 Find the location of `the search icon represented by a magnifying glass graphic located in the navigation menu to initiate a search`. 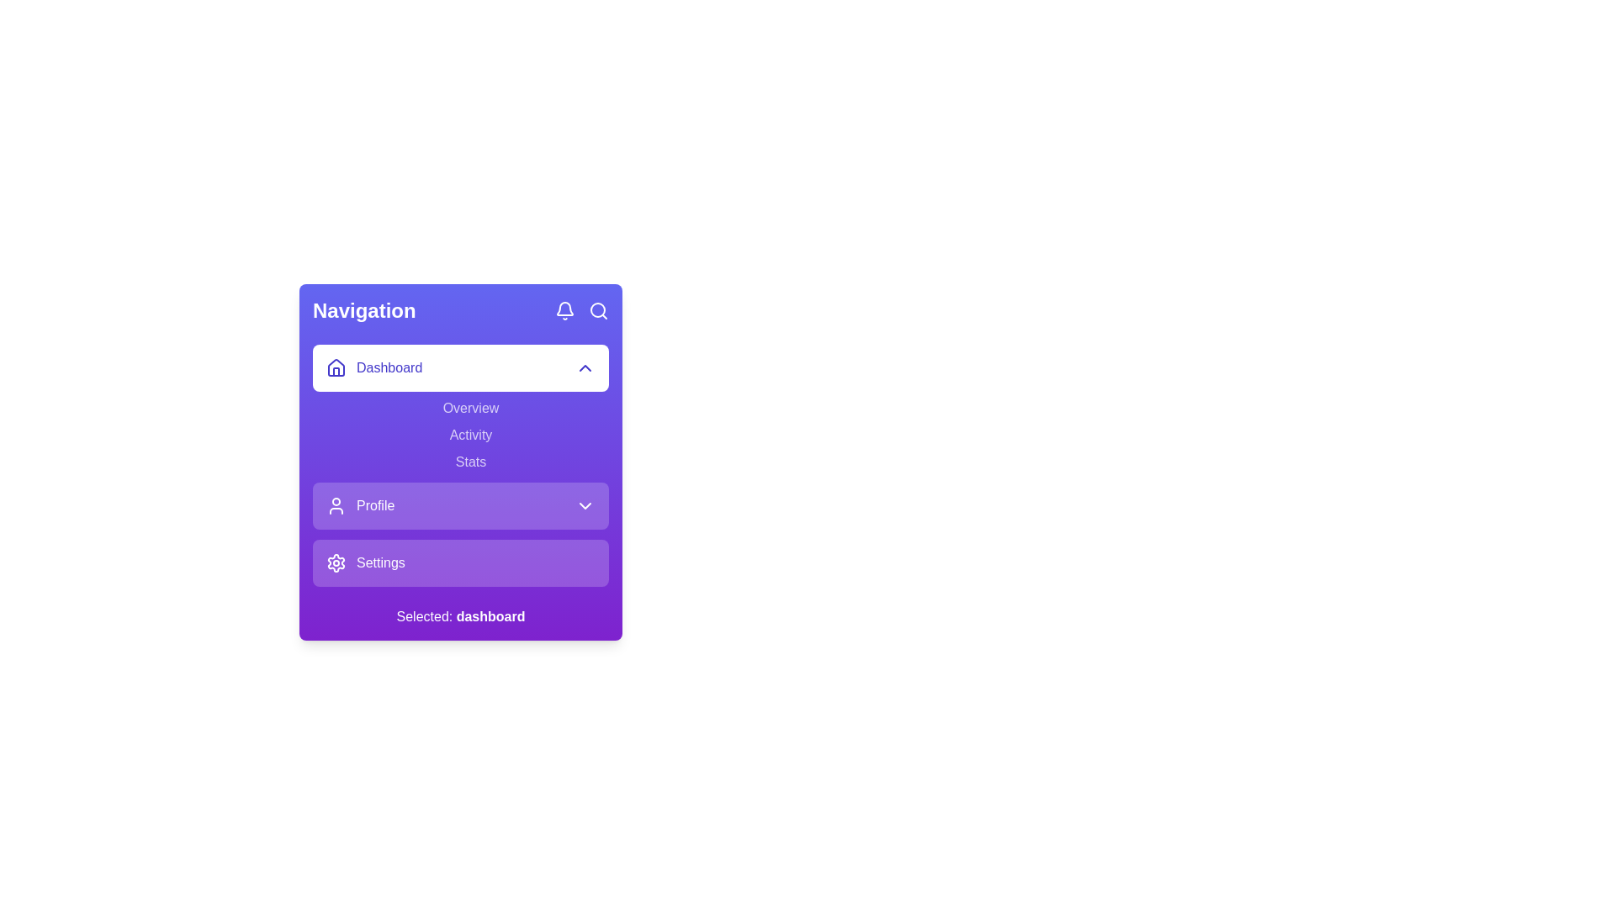

the search icon represented by a magnifying glass graphic located in the navigation menu to initiate a search is located at coordinates (598, 311).